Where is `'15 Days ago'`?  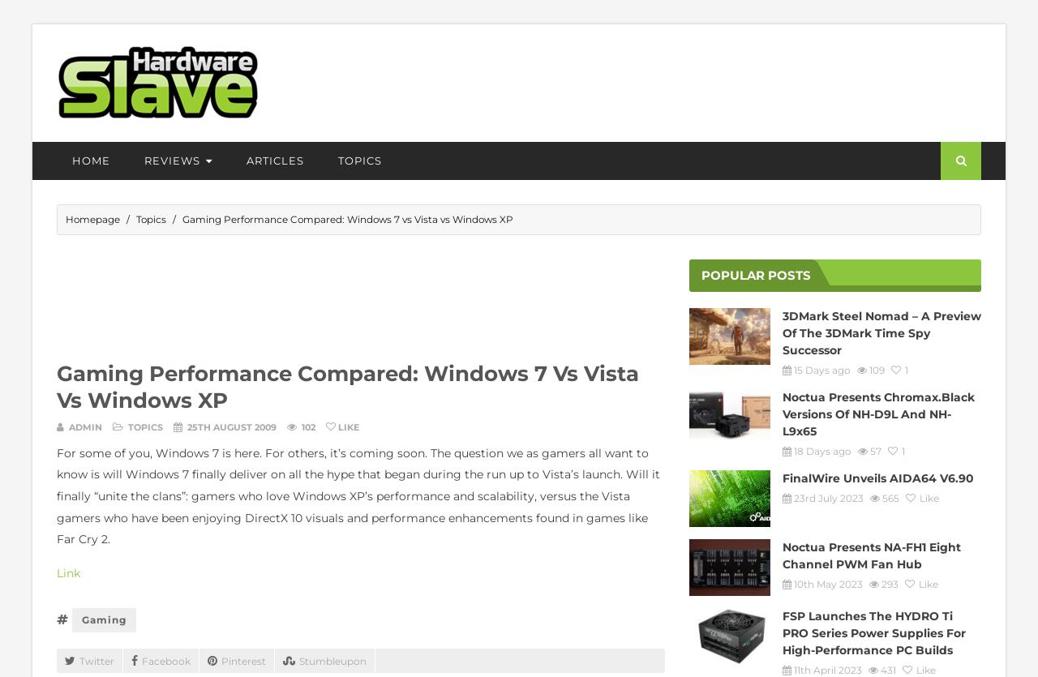
'15 Days ago' is located at coordinates (823, 368).